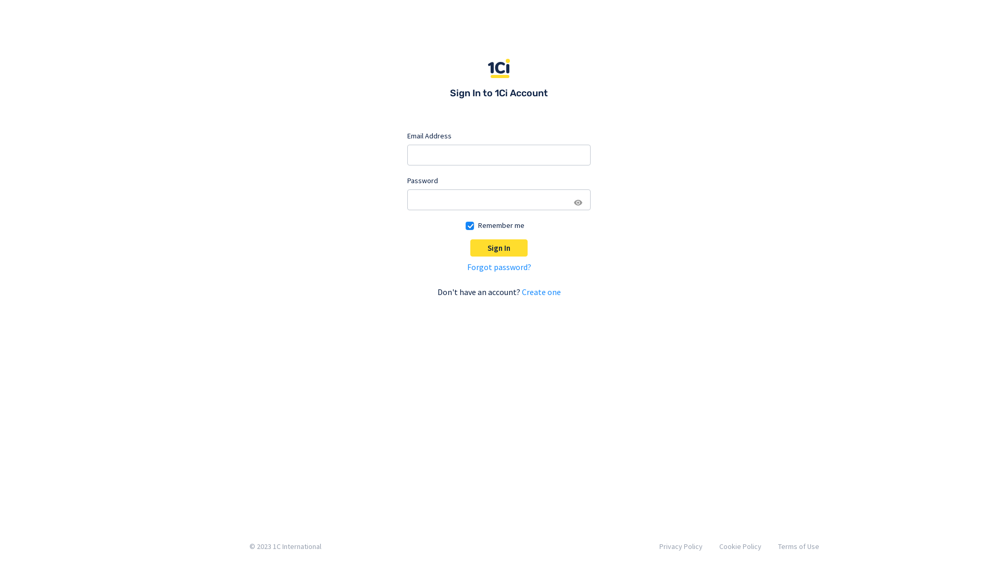 This screenshot has height=562, width=1000. I want to click on 'Sign In', so click(498, 248).